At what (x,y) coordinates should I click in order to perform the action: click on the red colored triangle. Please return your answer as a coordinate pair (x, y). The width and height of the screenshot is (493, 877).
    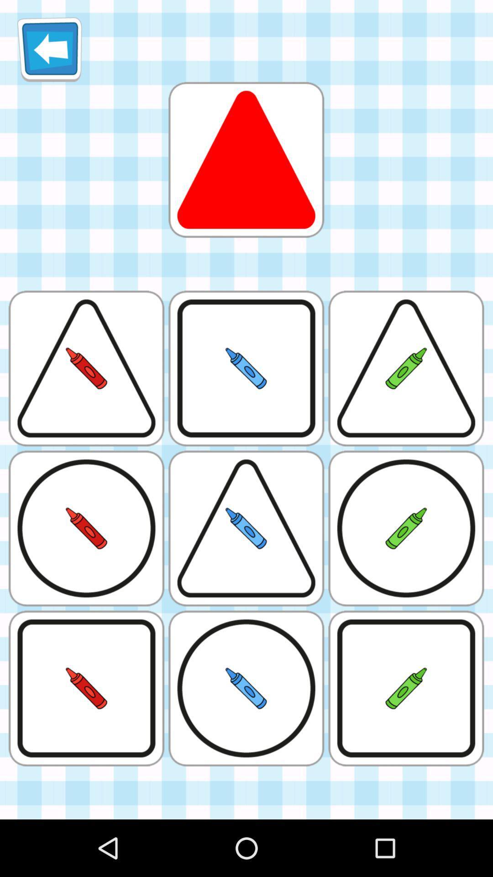
    Looking at the image, I should click on (246, 160).